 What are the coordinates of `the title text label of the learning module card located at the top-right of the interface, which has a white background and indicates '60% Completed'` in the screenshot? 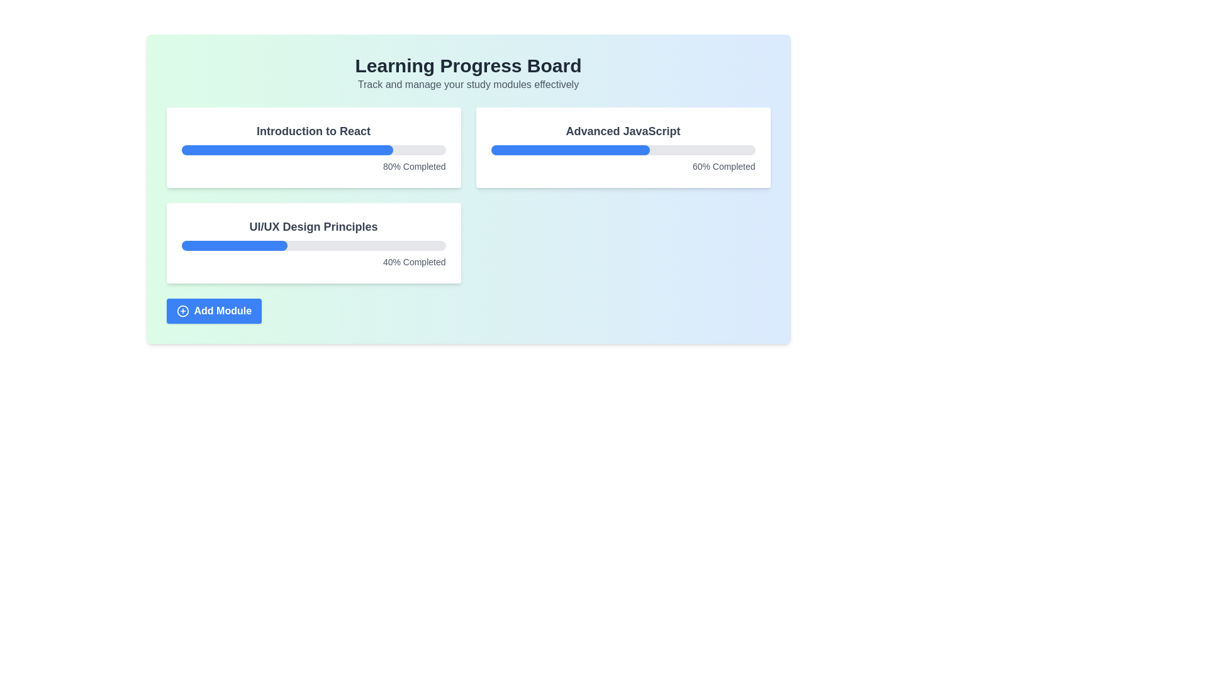 It's located at (623, 131).